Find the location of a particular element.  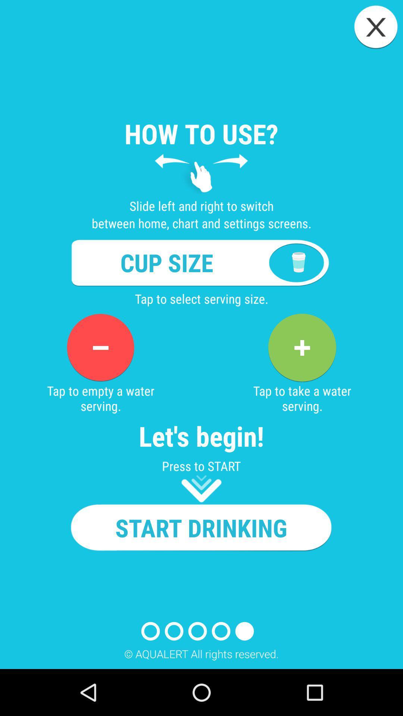

tap to less is located at coordinates (100, 347).